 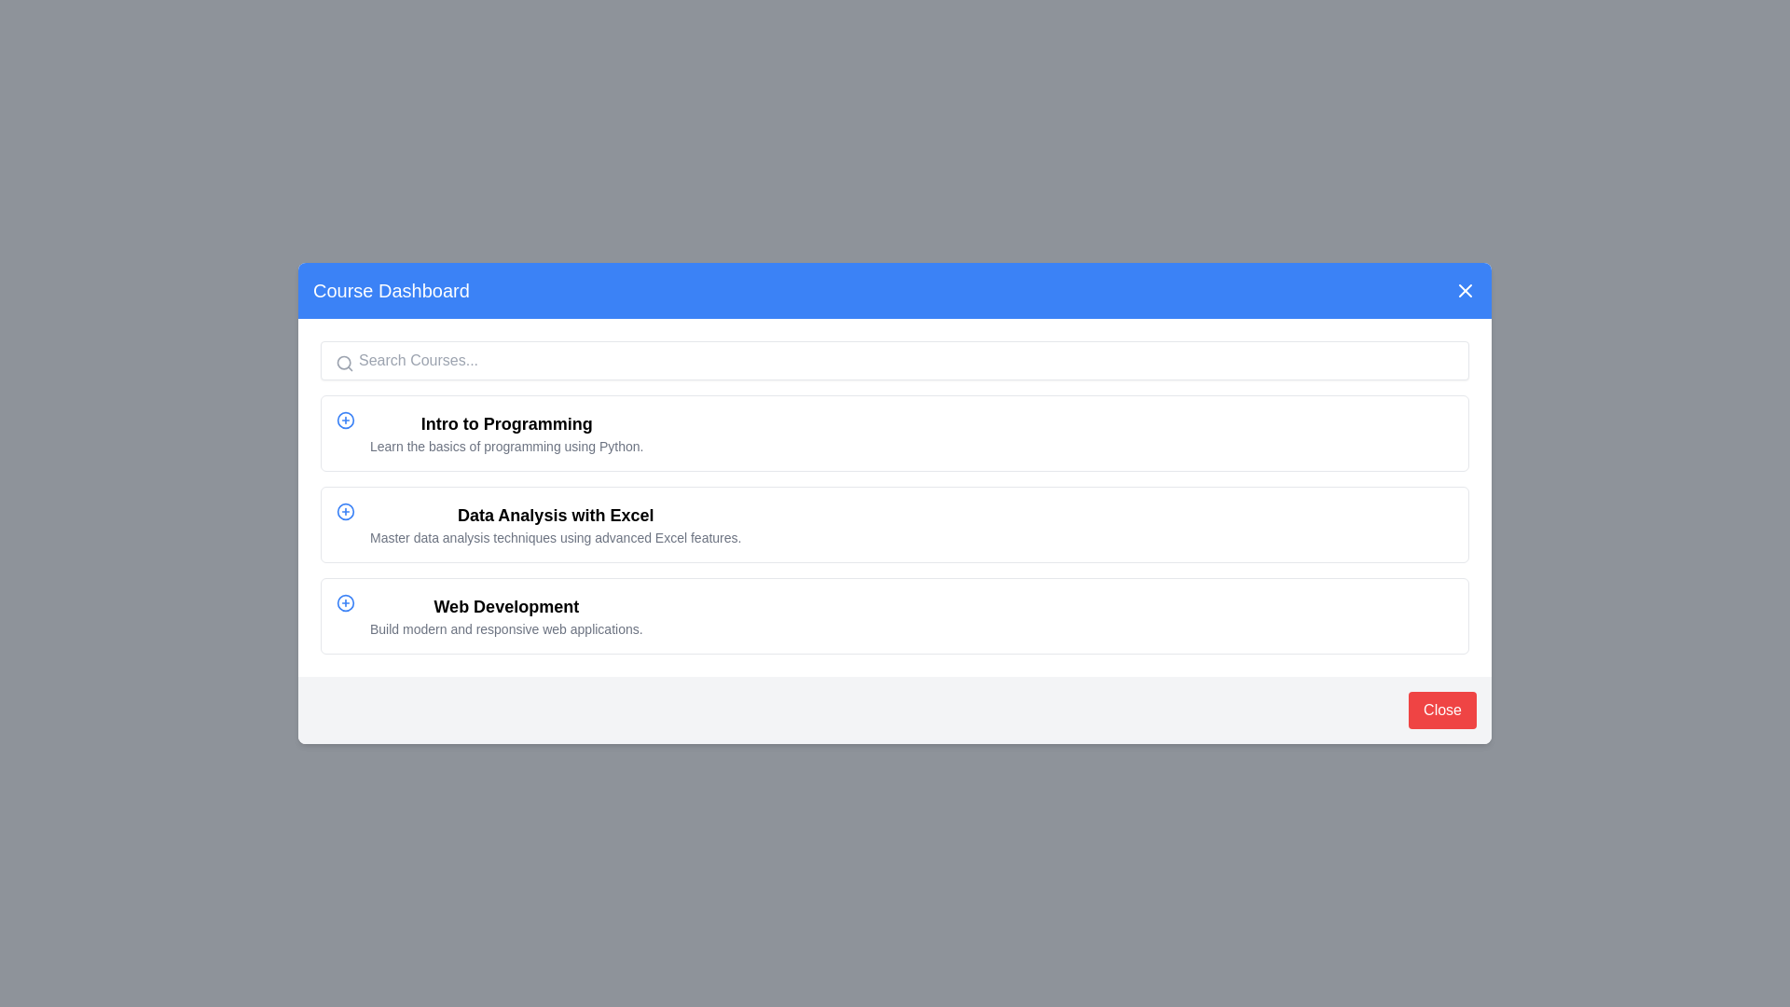 What do you see at coordinates (506, 434) in the screenshot?
I see `the text block that contains 'Intro to Programming' and 'Learn the basics of programming using Python.' positioned below the search bar in the main content area` at bounding box center [506, 434].